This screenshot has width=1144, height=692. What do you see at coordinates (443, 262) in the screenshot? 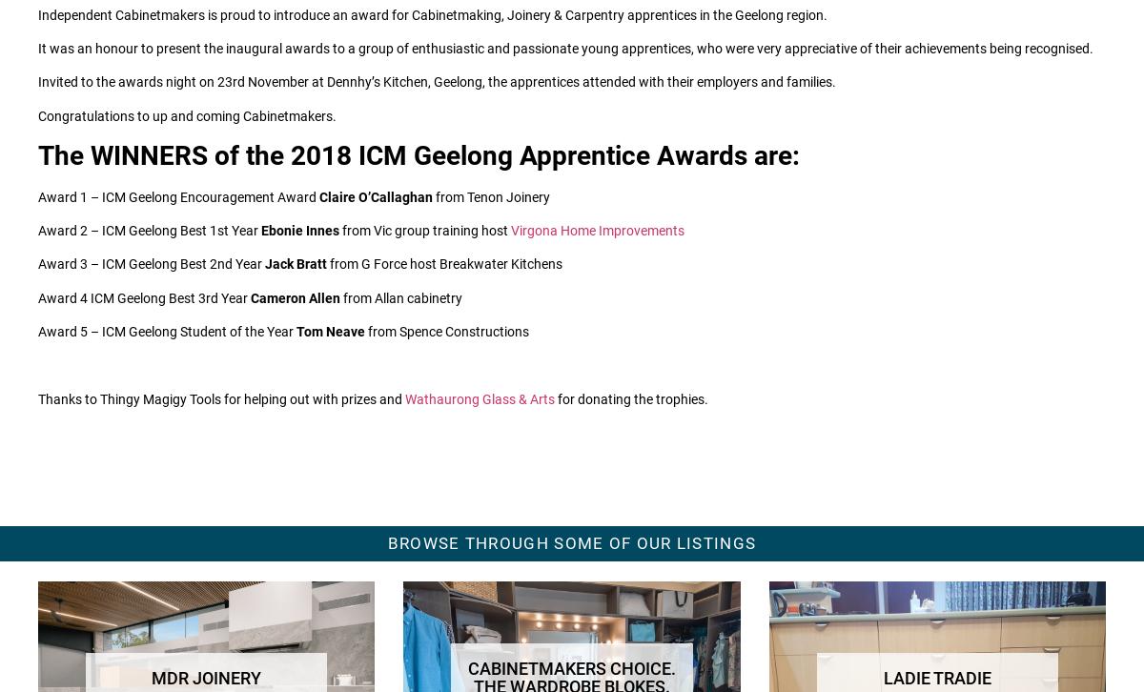
I see `'from G Force host Breakwater Kitchens'` at bounding box center [443, 262].